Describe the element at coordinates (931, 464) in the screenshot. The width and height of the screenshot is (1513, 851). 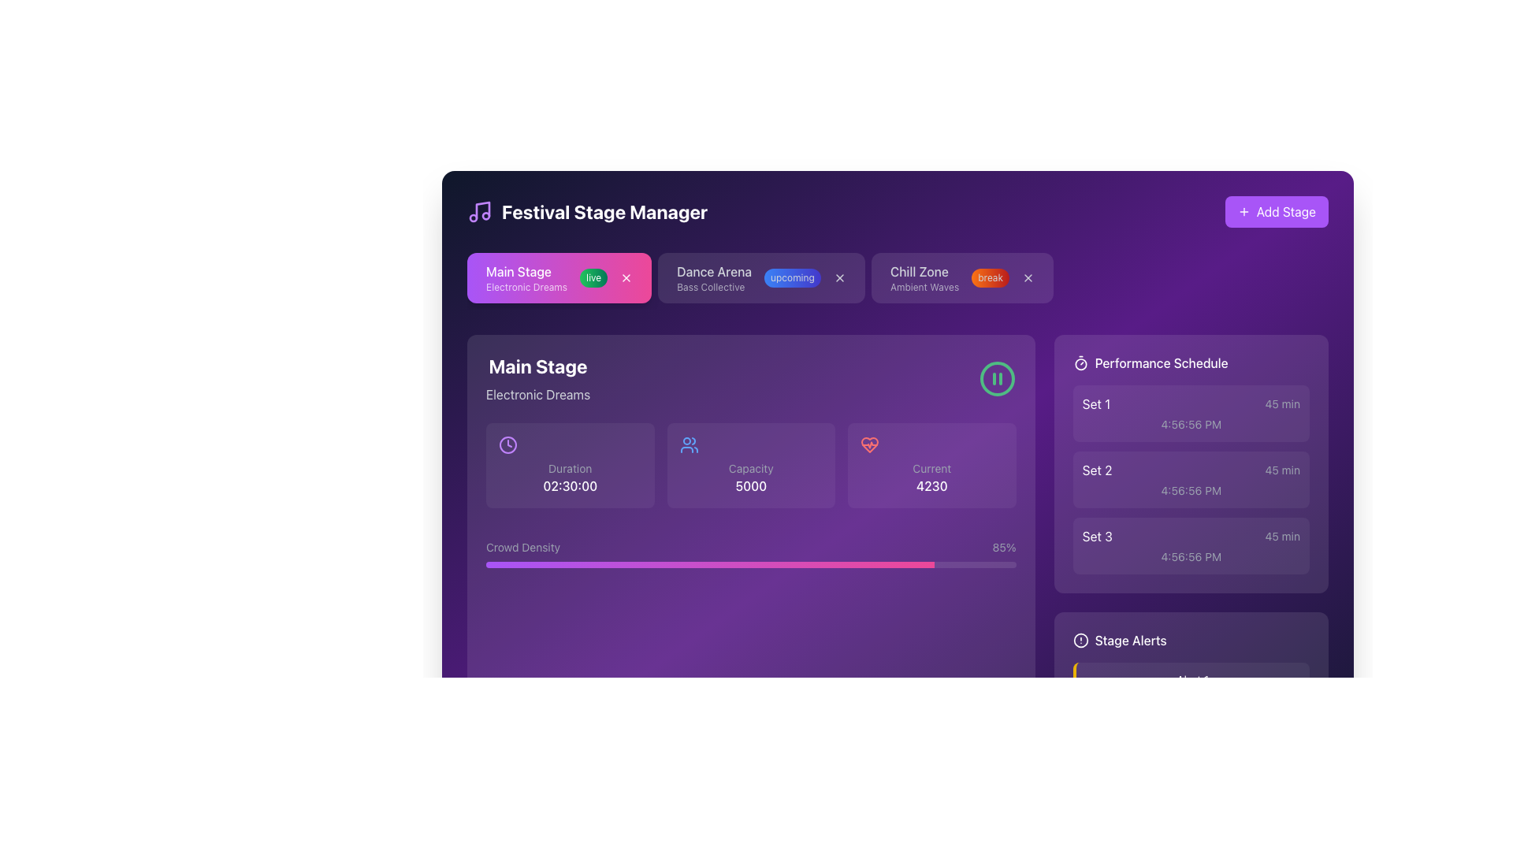
I see `the Informational card that displays the current value related to the ongoing event in 'Main Stage', positioned between the 'Capacity' card and the right margin` at that location.